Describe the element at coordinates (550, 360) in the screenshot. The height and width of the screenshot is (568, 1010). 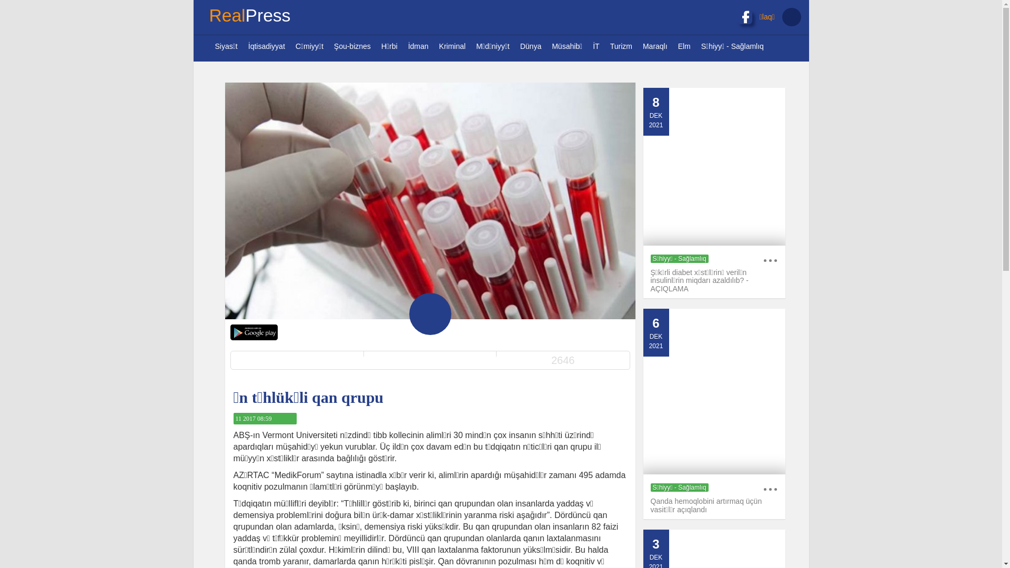
I see `'2646'` at that location.